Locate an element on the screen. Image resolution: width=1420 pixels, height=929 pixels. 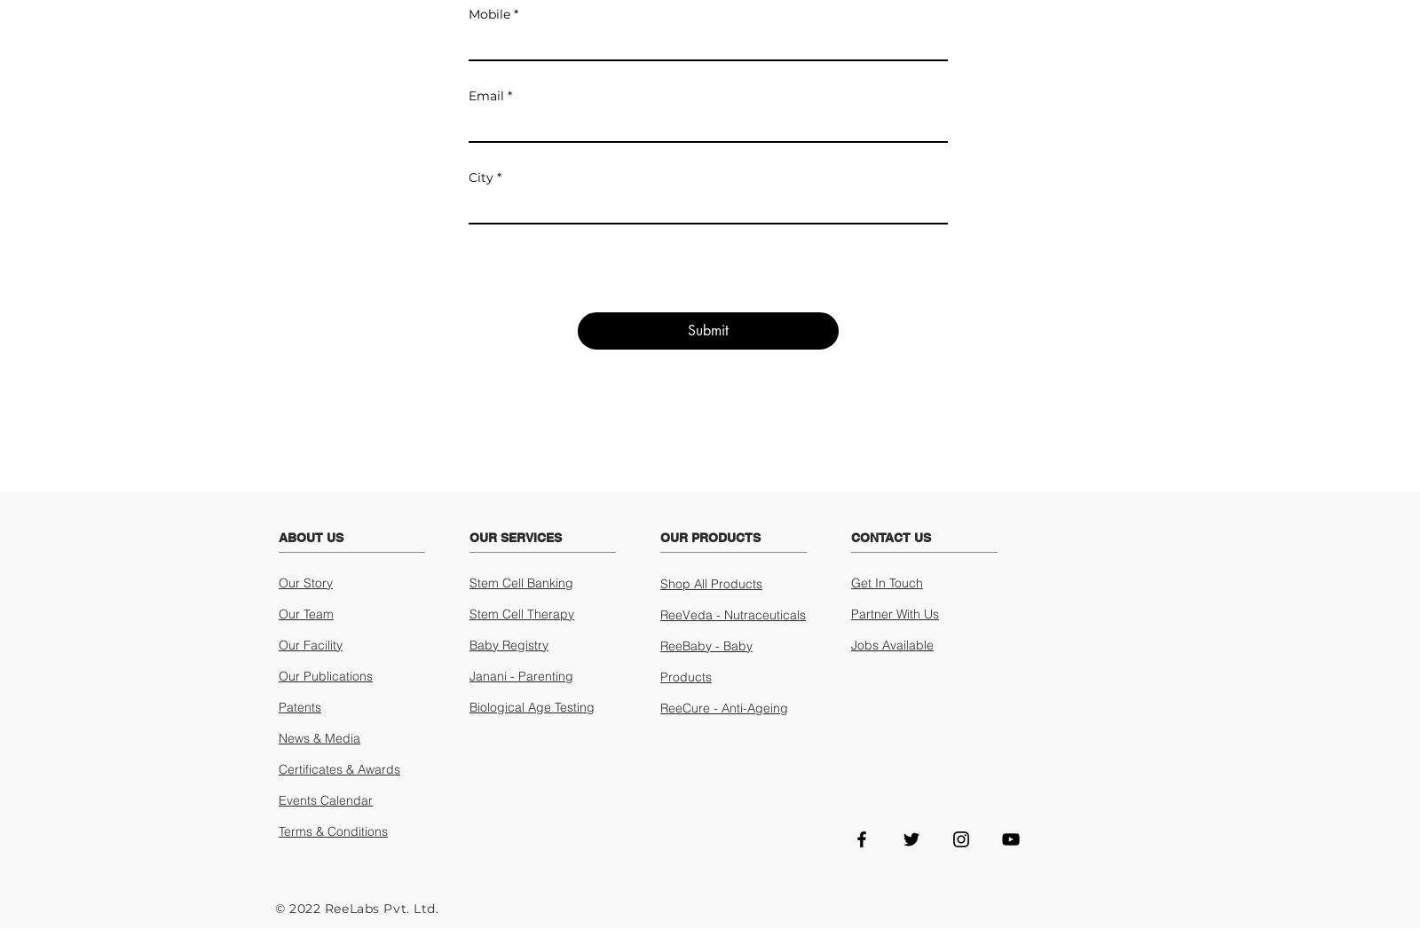
'Stem Cell Banking' is located at coordinates (520, 582).